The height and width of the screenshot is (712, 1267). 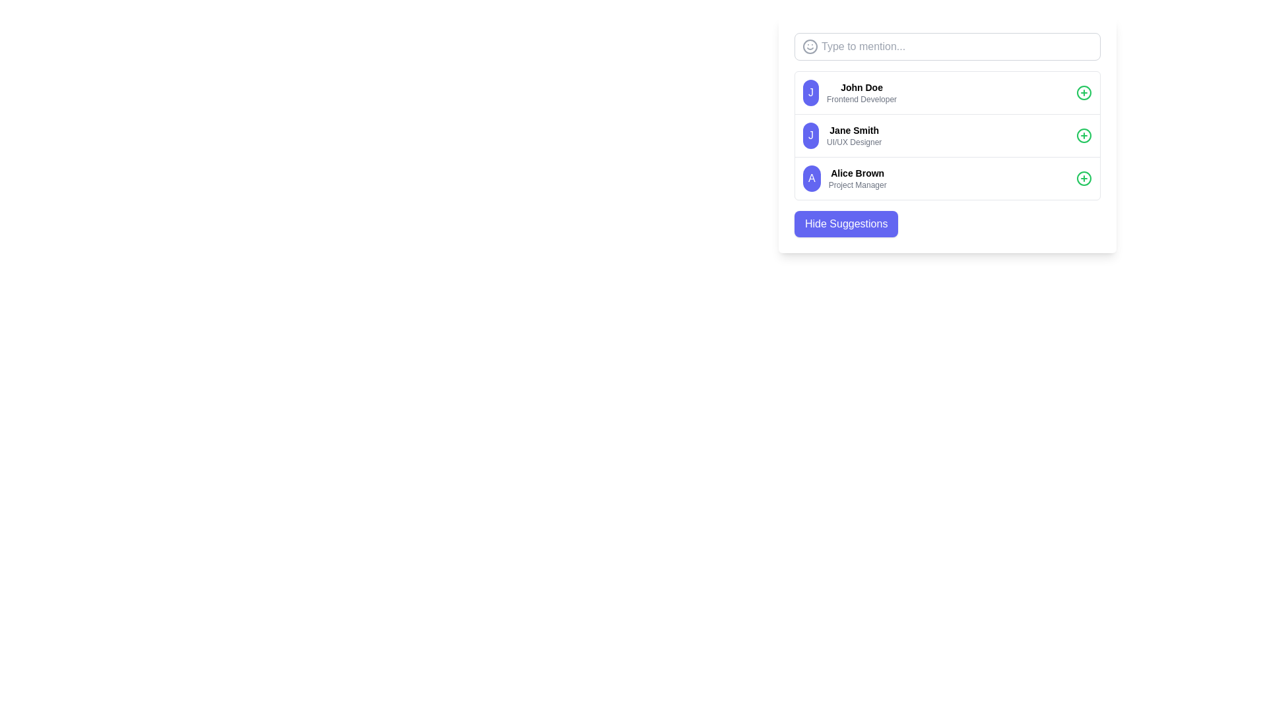 I want to click on the circular green icon button with a plus sign, located to the far right of the text 'Jane Smith' and 'UI/UX Designer', so click(x=1084, y=135).